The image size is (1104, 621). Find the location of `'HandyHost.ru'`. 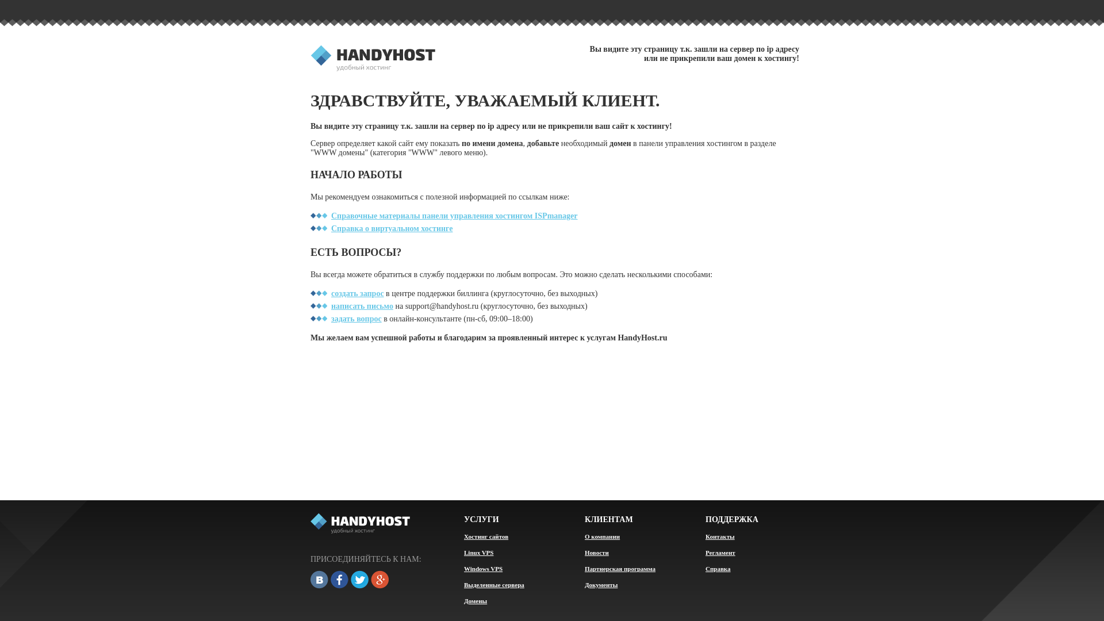

'HandyHost.ru' is located at coordinates (373, 59).